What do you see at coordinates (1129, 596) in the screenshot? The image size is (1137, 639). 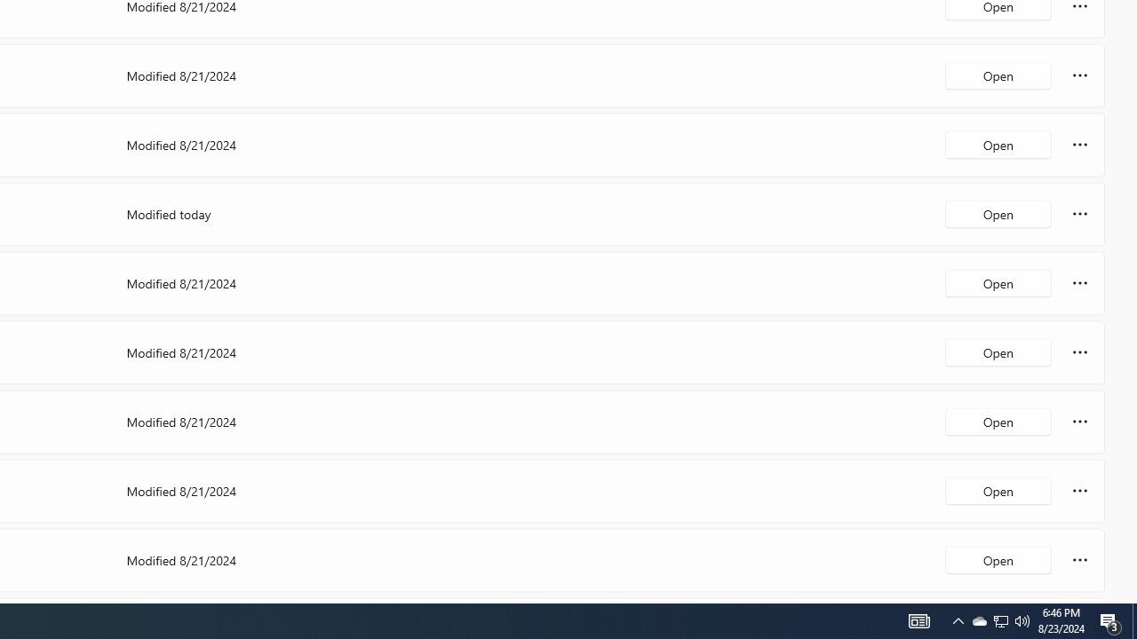 I see `'Vertical Small Increase'` at bounding box center [1129, 596].